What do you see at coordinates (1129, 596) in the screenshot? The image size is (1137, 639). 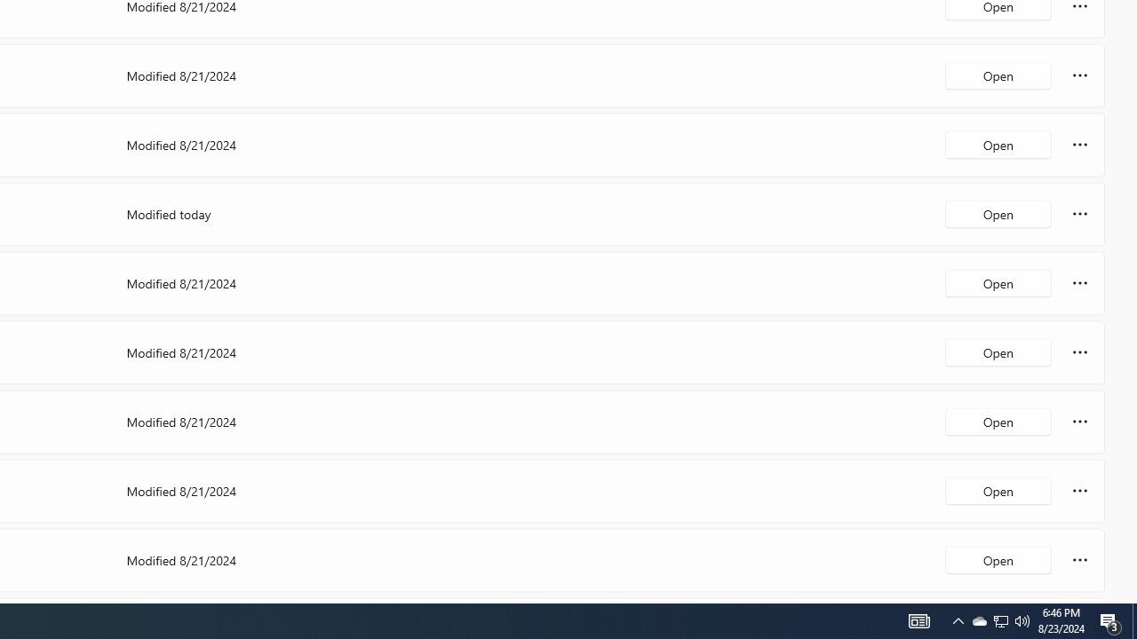 I see `'Vertical Small Increase'` at bounding box center [1129, 596].